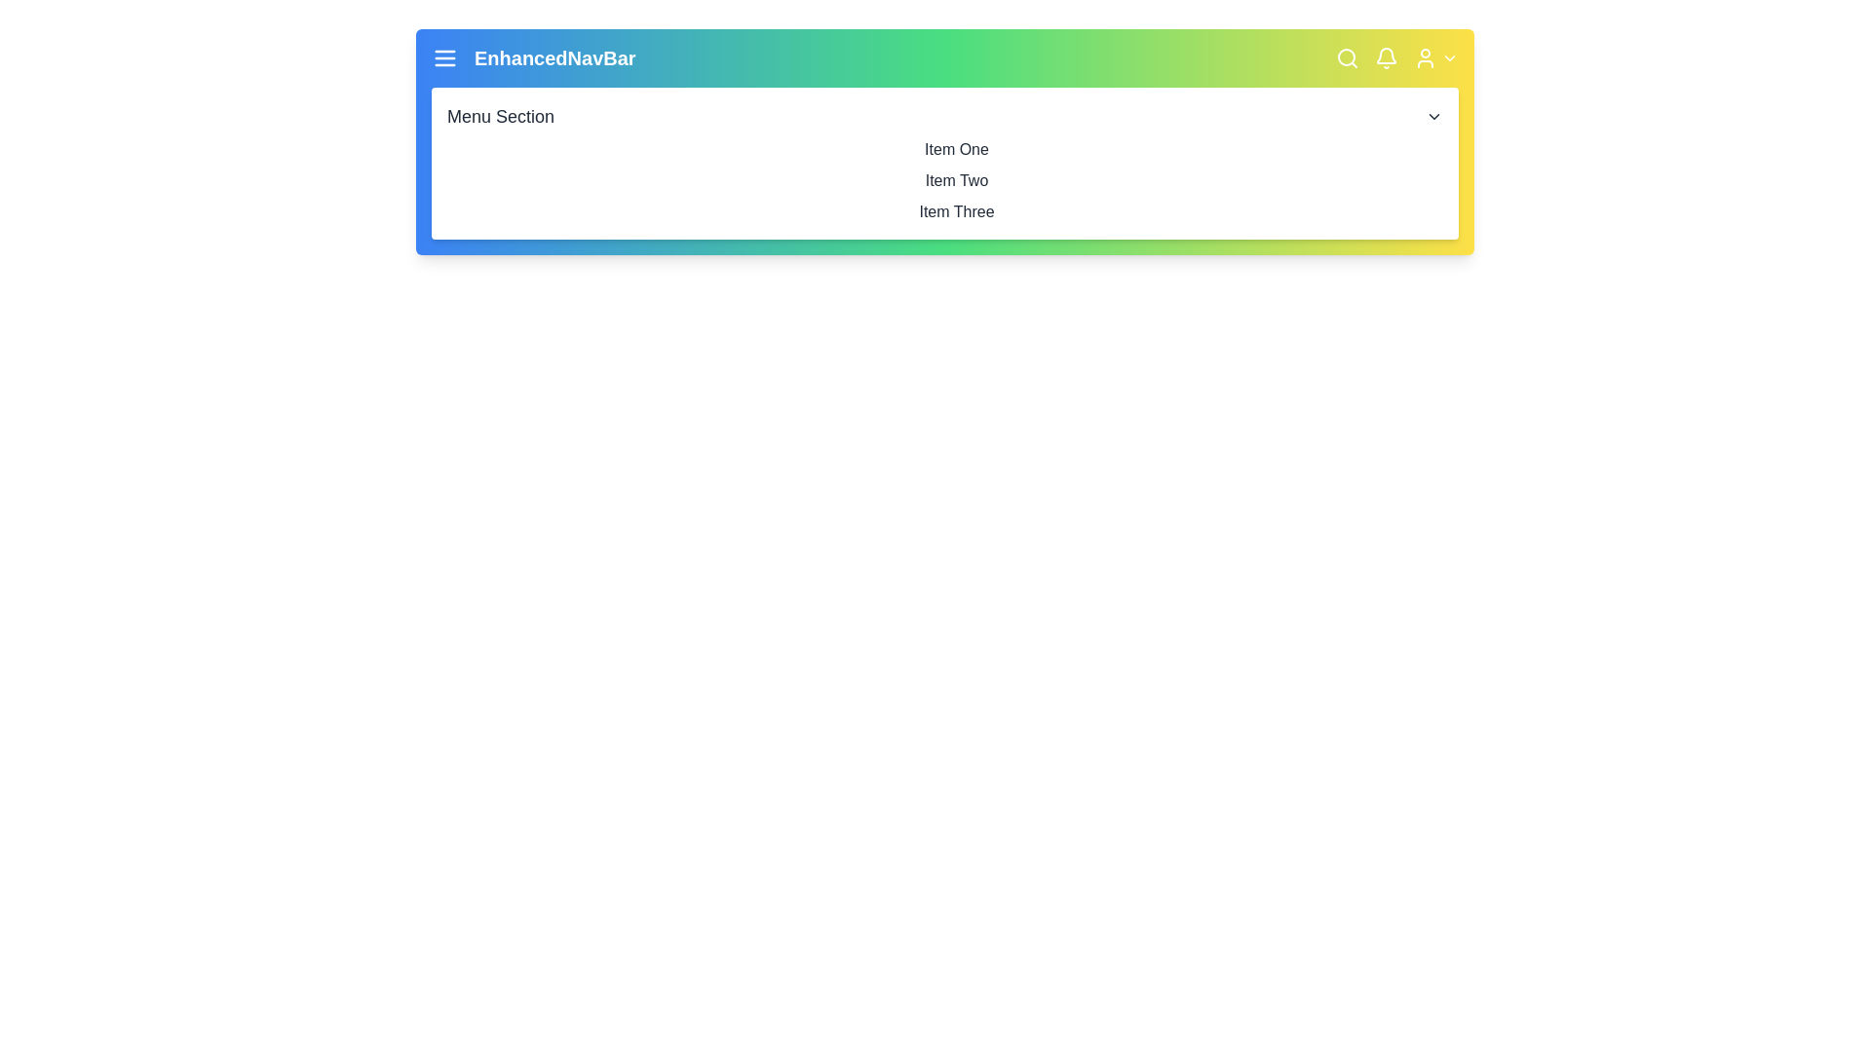  I want to click on the 'Bell' icon for notifications, so click(1385, 57).